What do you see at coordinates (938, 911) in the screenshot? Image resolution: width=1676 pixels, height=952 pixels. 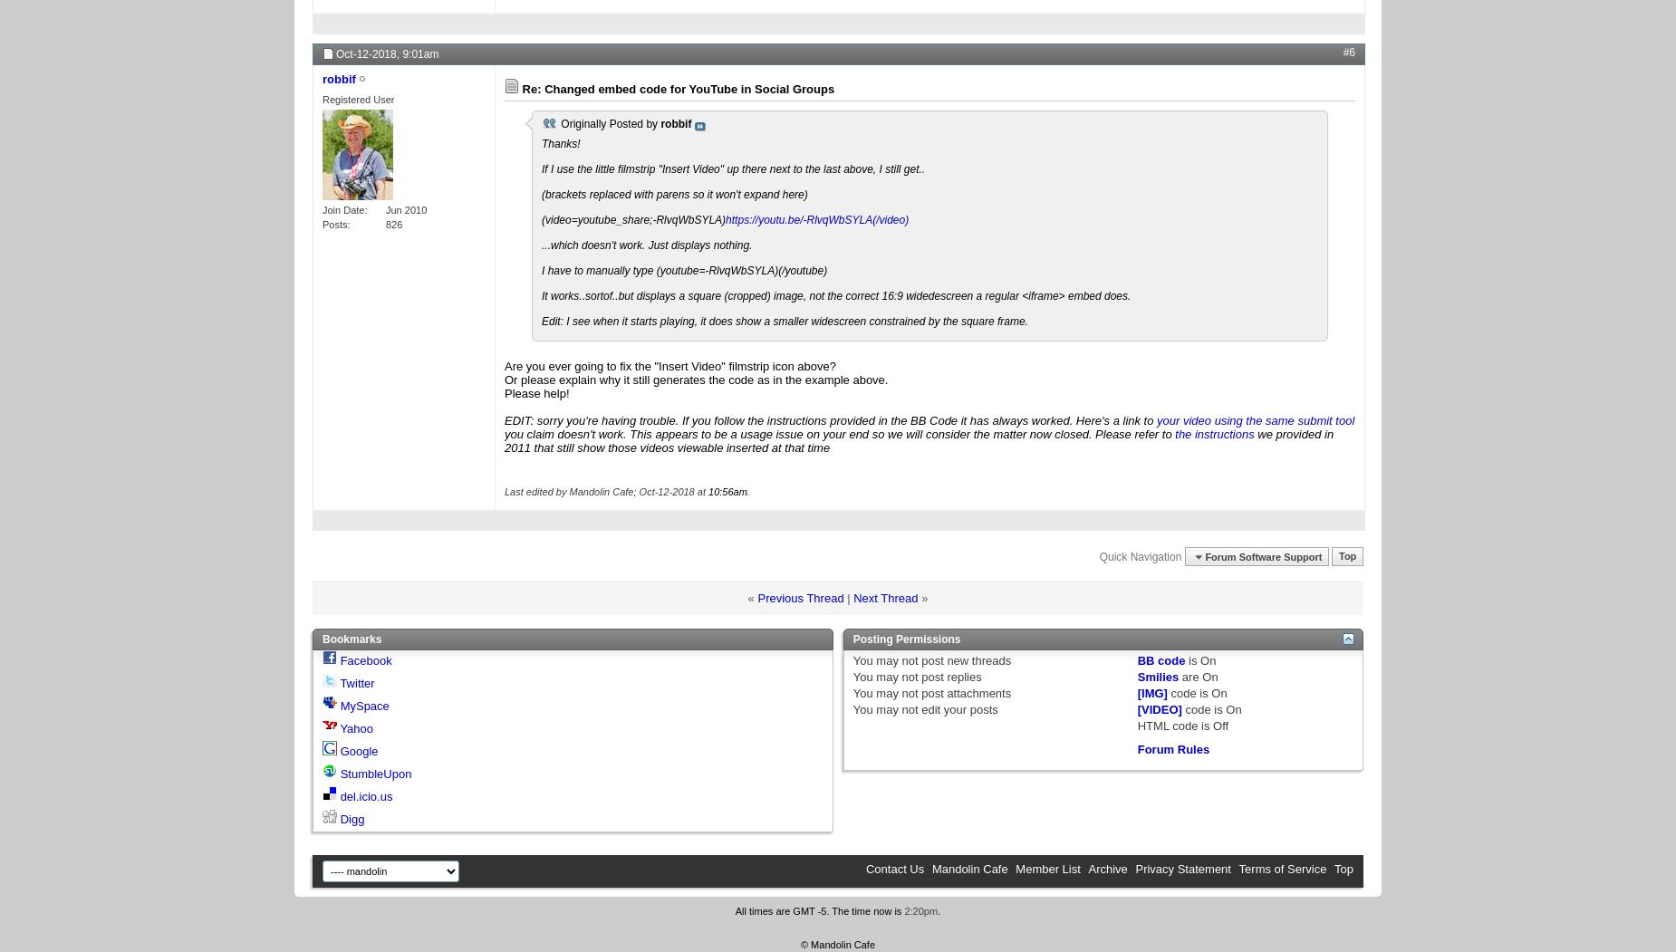 I see `'.'` at bounding box center [938, 911].